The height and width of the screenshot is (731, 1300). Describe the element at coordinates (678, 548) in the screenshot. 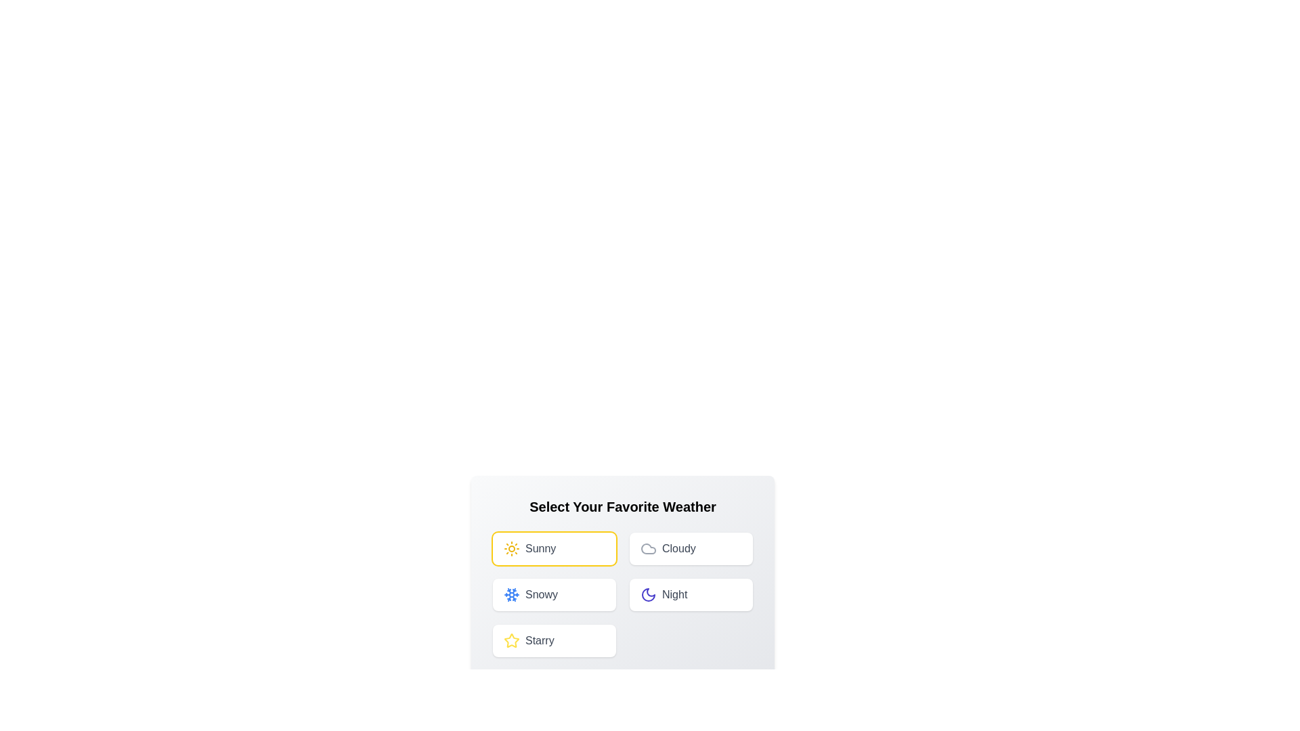

I see `'Cloudy' label text displayed in the weather preference selection interface, which is located in the second column of the top row, right next to the cloud icon` at that location.